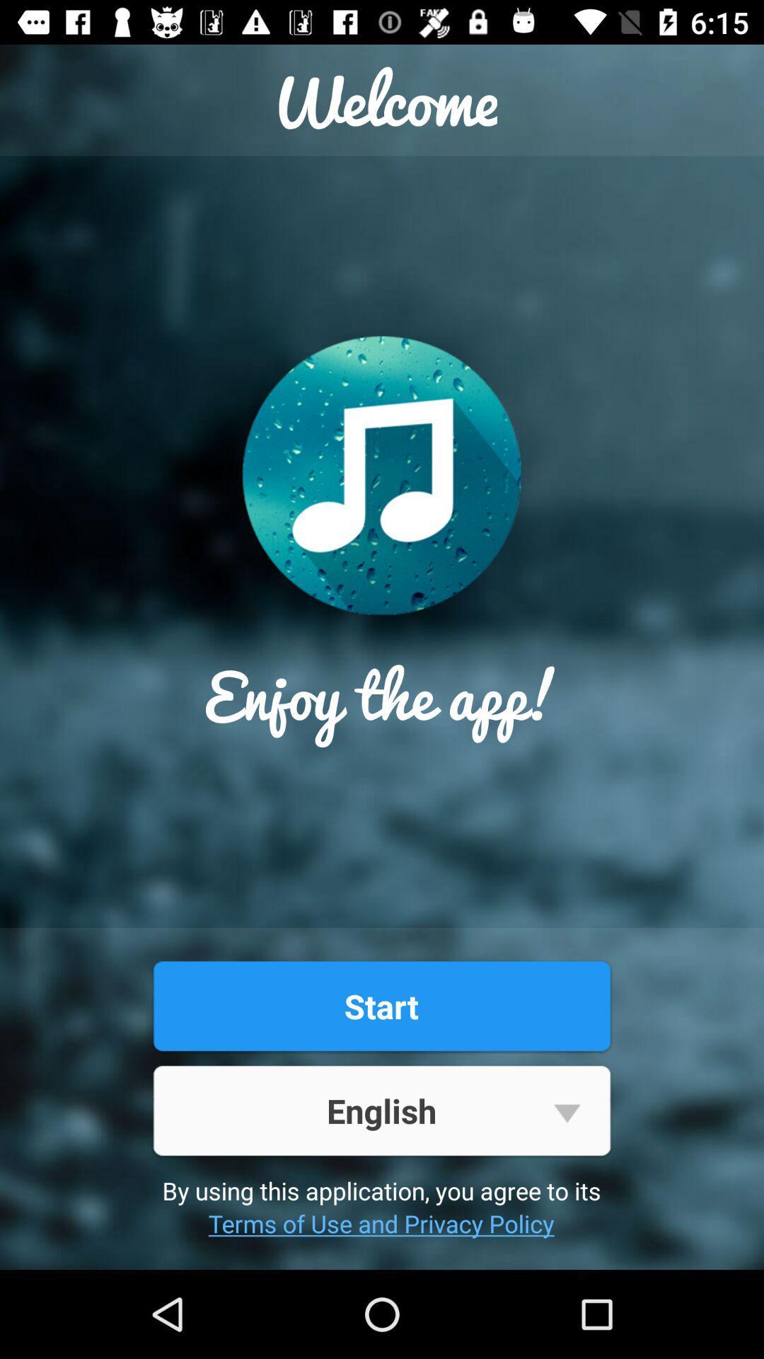  What do you see at coordinates (381, 1005) in the screenshot?
I see `item below the enjoy the app!` at bounding box center [381, 1005].